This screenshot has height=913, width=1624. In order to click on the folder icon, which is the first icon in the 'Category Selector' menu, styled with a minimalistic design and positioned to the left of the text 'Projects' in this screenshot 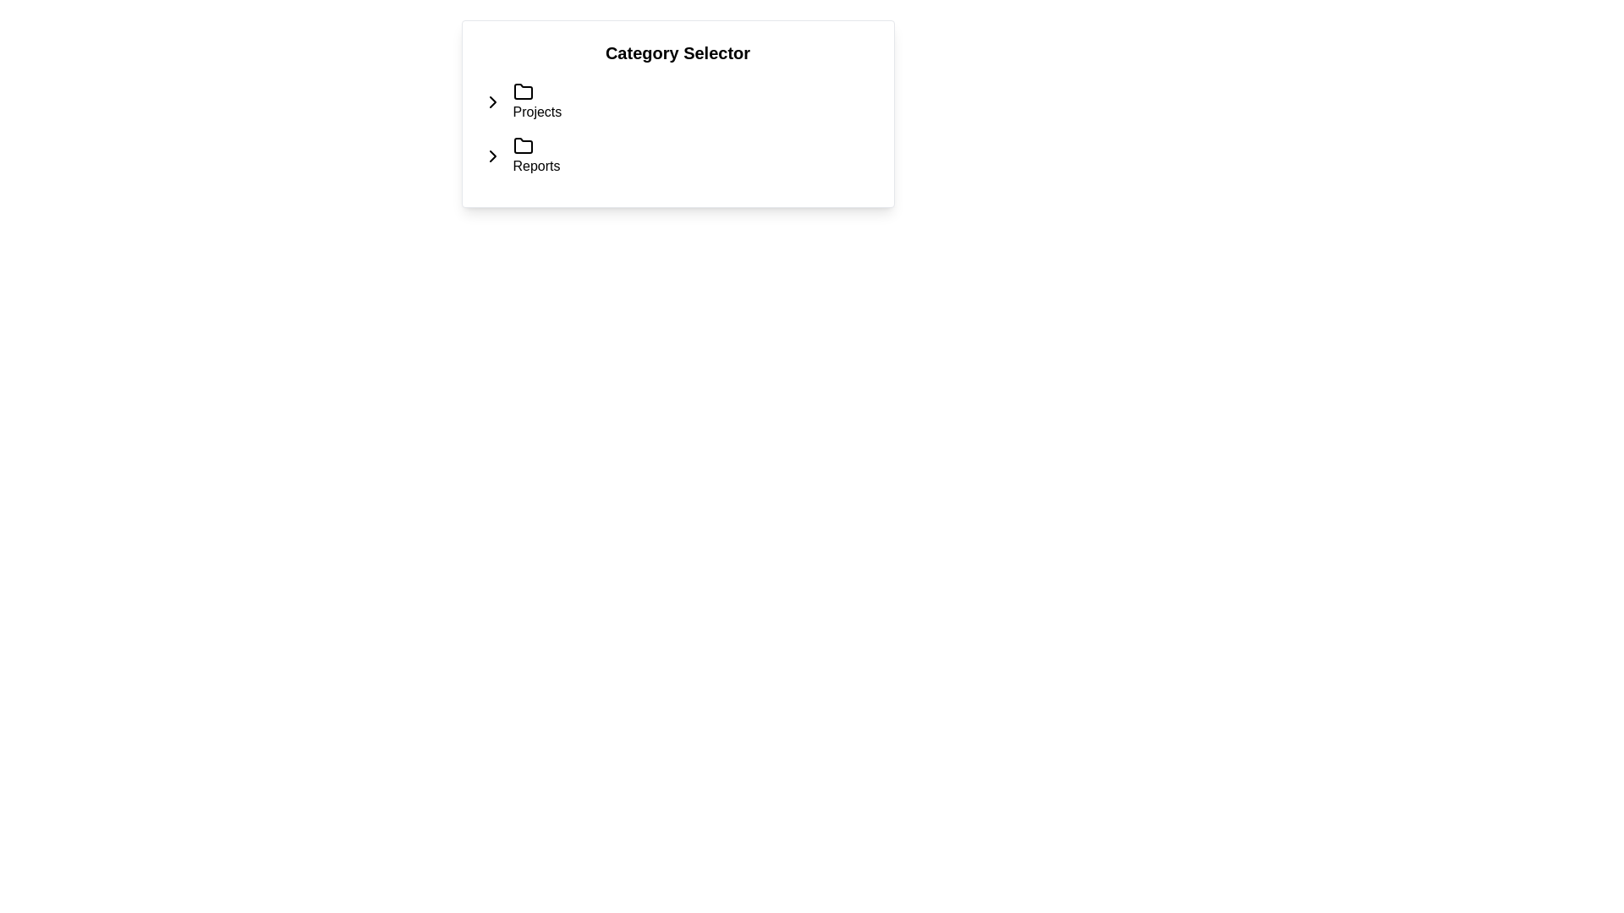, I will do `click(522, 91)`.